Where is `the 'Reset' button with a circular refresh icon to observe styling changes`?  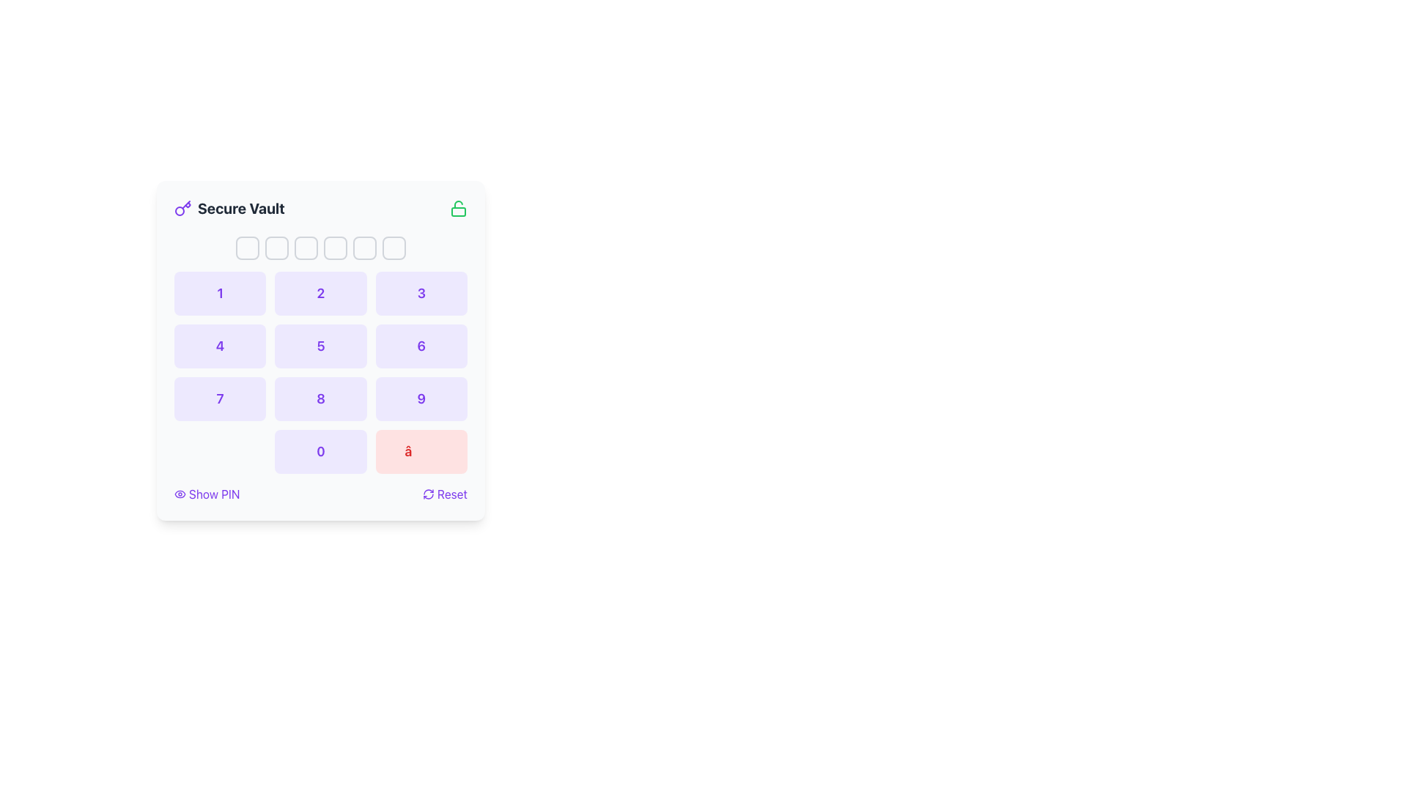
the 'Reset' button with a circular refresh icon to observe styling changes is located at coordinates (444, 494).